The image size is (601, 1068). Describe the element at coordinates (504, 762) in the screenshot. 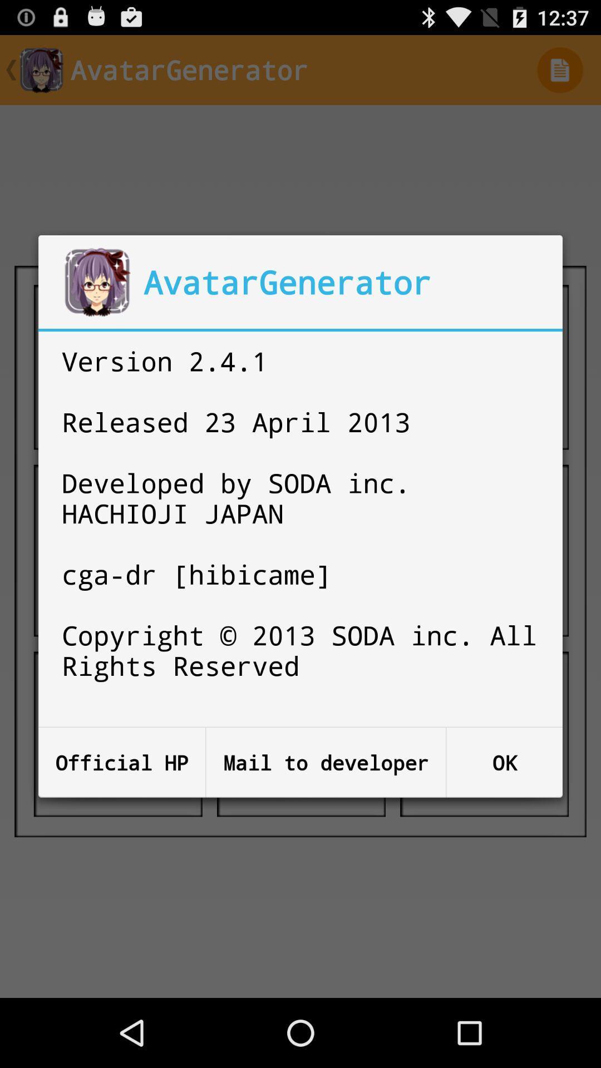

I see `the icon below the version 2 4 item` at that location.